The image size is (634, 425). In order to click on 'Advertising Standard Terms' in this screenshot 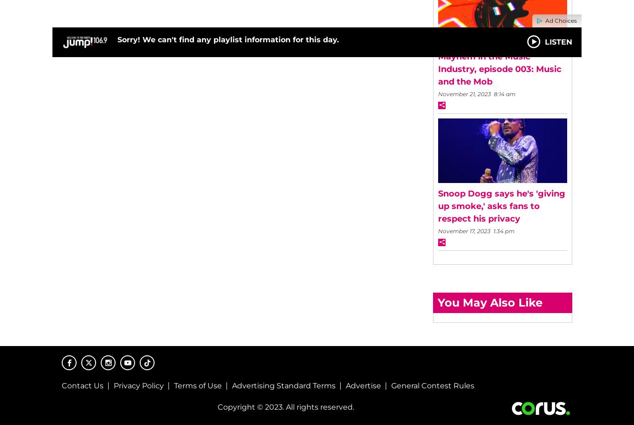, I will do `click(232, 386)`.